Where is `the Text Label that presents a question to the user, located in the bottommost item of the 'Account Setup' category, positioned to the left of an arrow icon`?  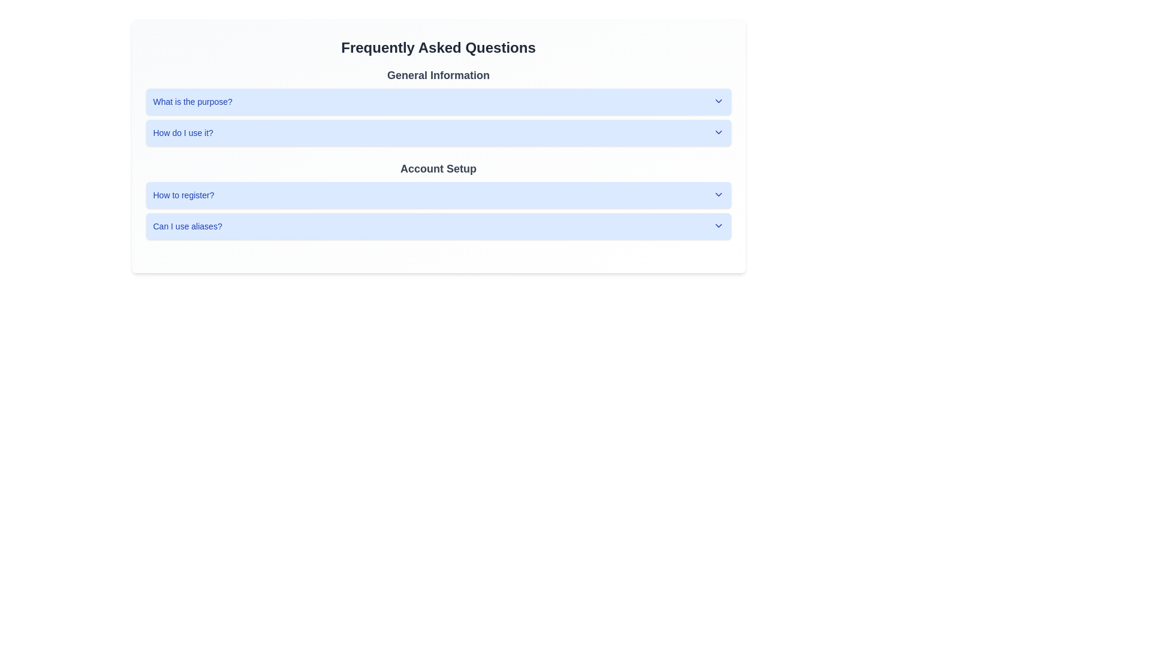 the Text Label that presents a question to the user, located in the bottommost item of the 'Account Setup' category, positioned to the left of an arrow icon is located at coordinates (187, 226).